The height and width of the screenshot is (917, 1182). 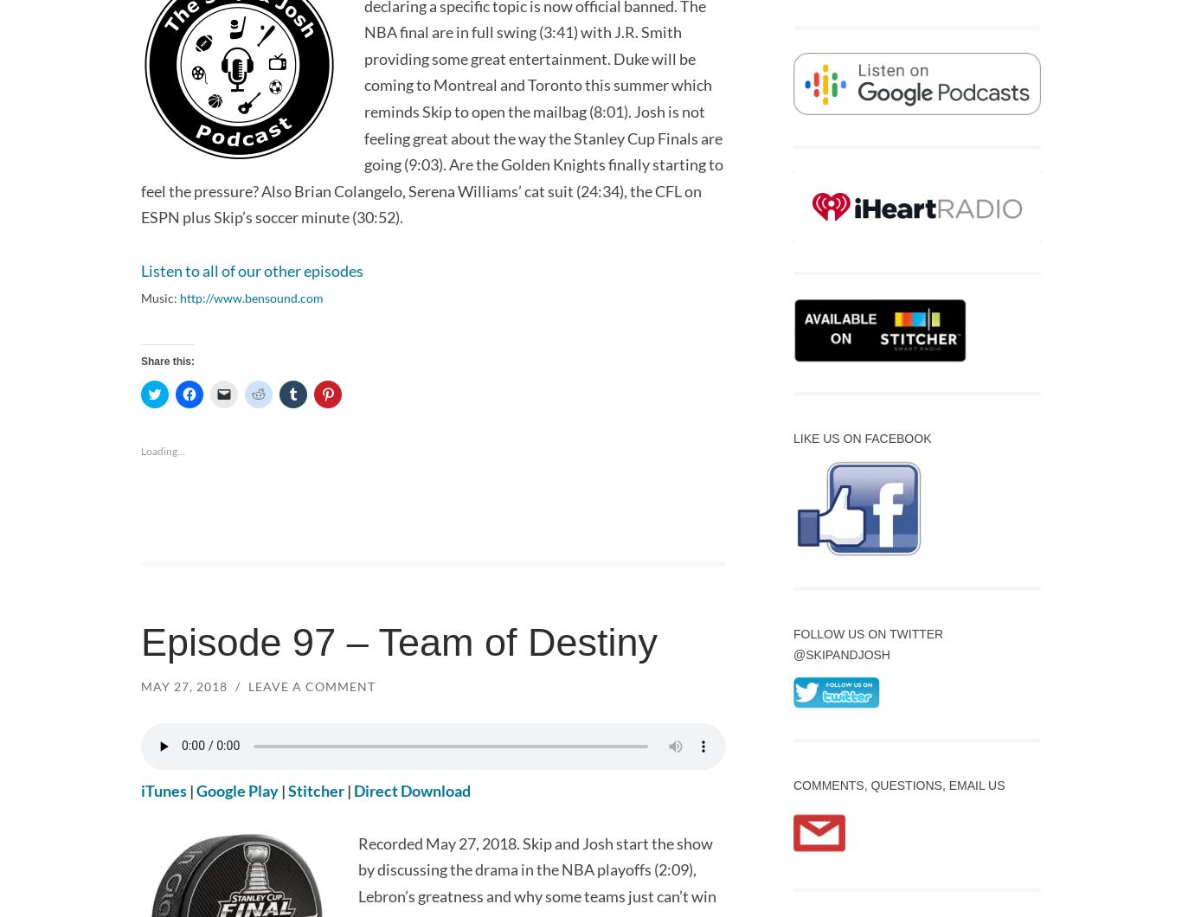 I want to click on 'Share this:', so click(x=139, y=360).